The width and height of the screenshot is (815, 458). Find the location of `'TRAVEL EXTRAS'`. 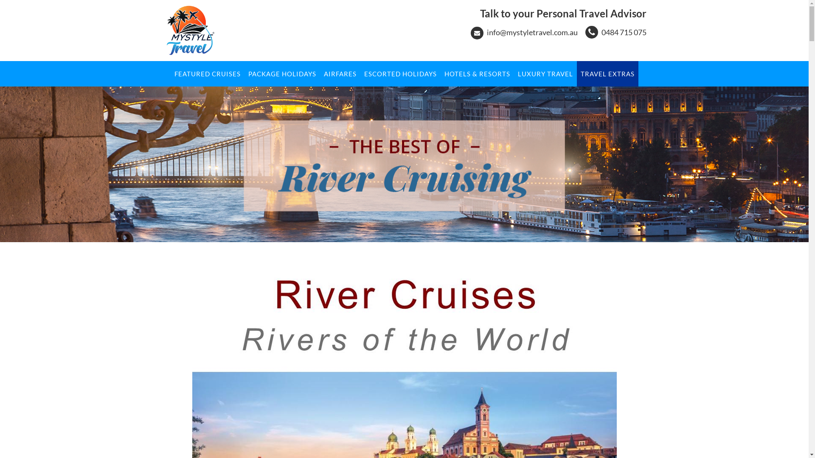

'TRAVEL EXTRAS' is located at coordinates (607, 73).